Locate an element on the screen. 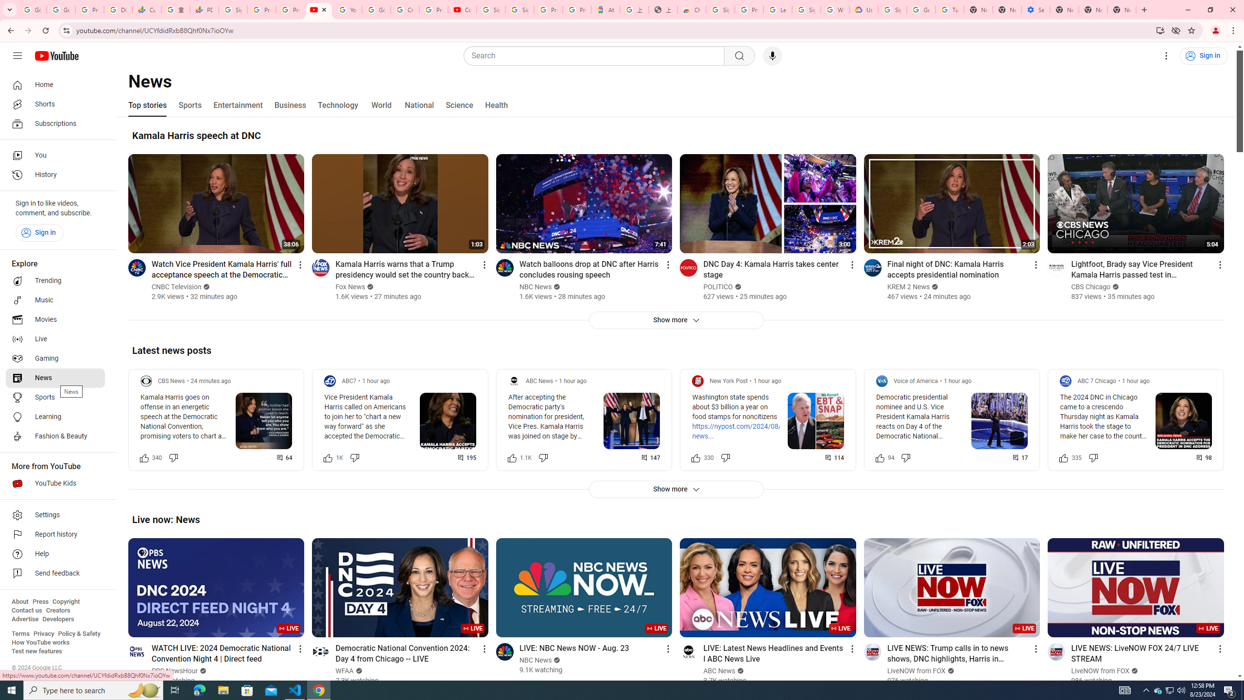  'LIVE: NBC News NOW - Aug. 23 by NBC News 665,260 views' is located at coordinates (574, 647).